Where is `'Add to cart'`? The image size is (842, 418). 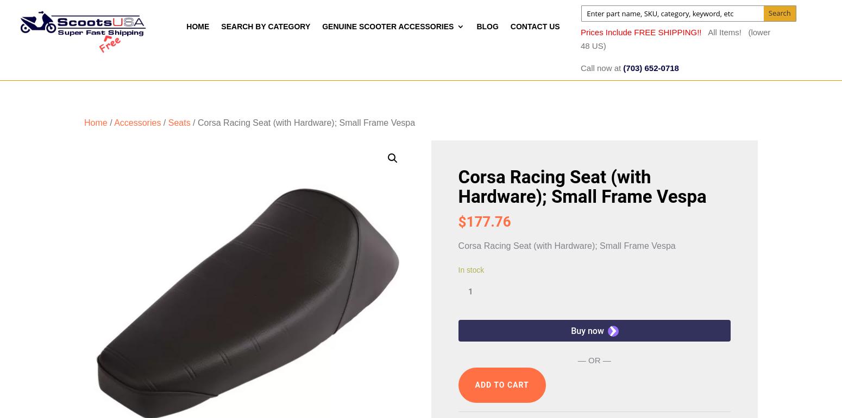 'Add to cart' is located at coordinates (501, 384).